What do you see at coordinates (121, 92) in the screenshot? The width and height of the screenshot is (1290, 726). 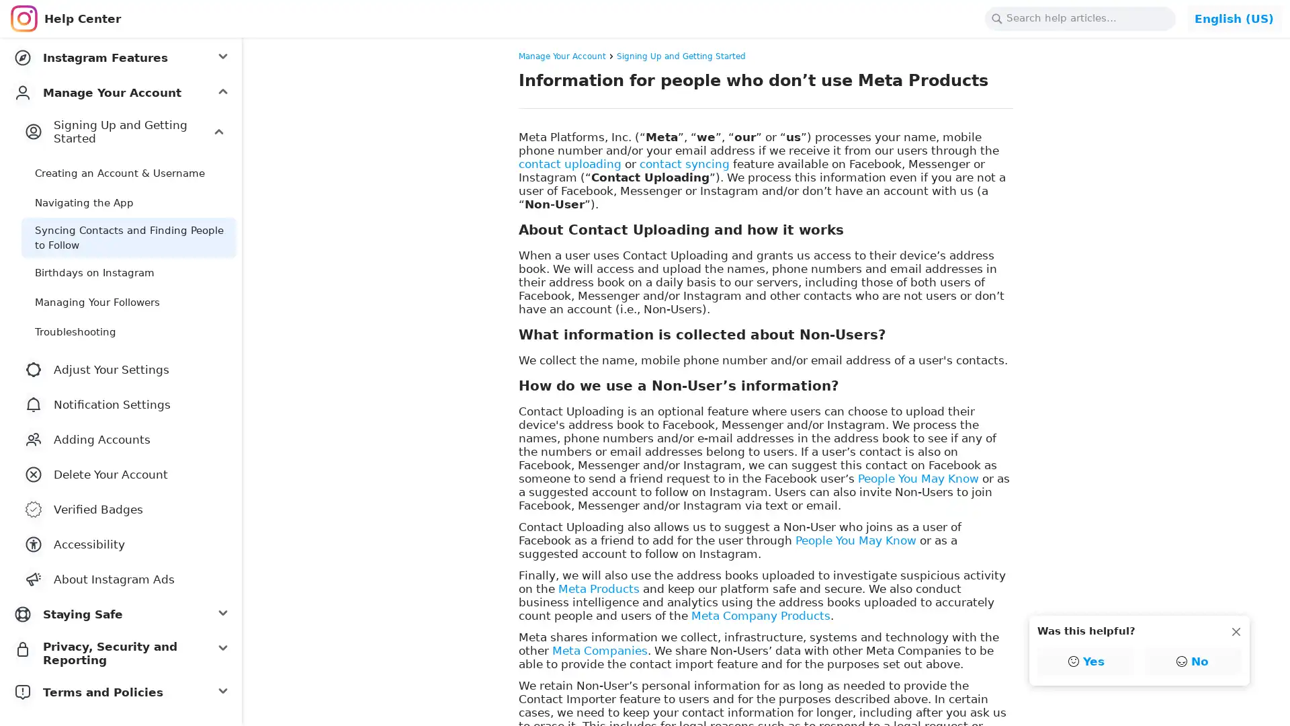 I see `Manage Your Account` at bounding box center [121, 92].